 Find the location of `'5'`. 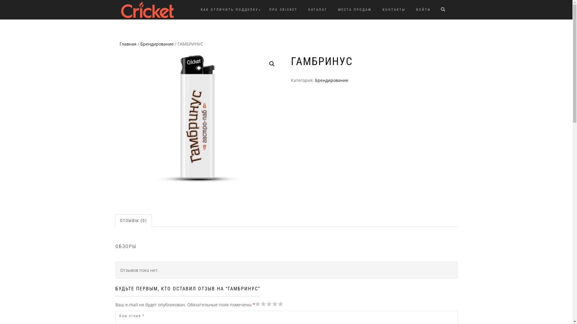

'5' is located at coordinates (255, 304).